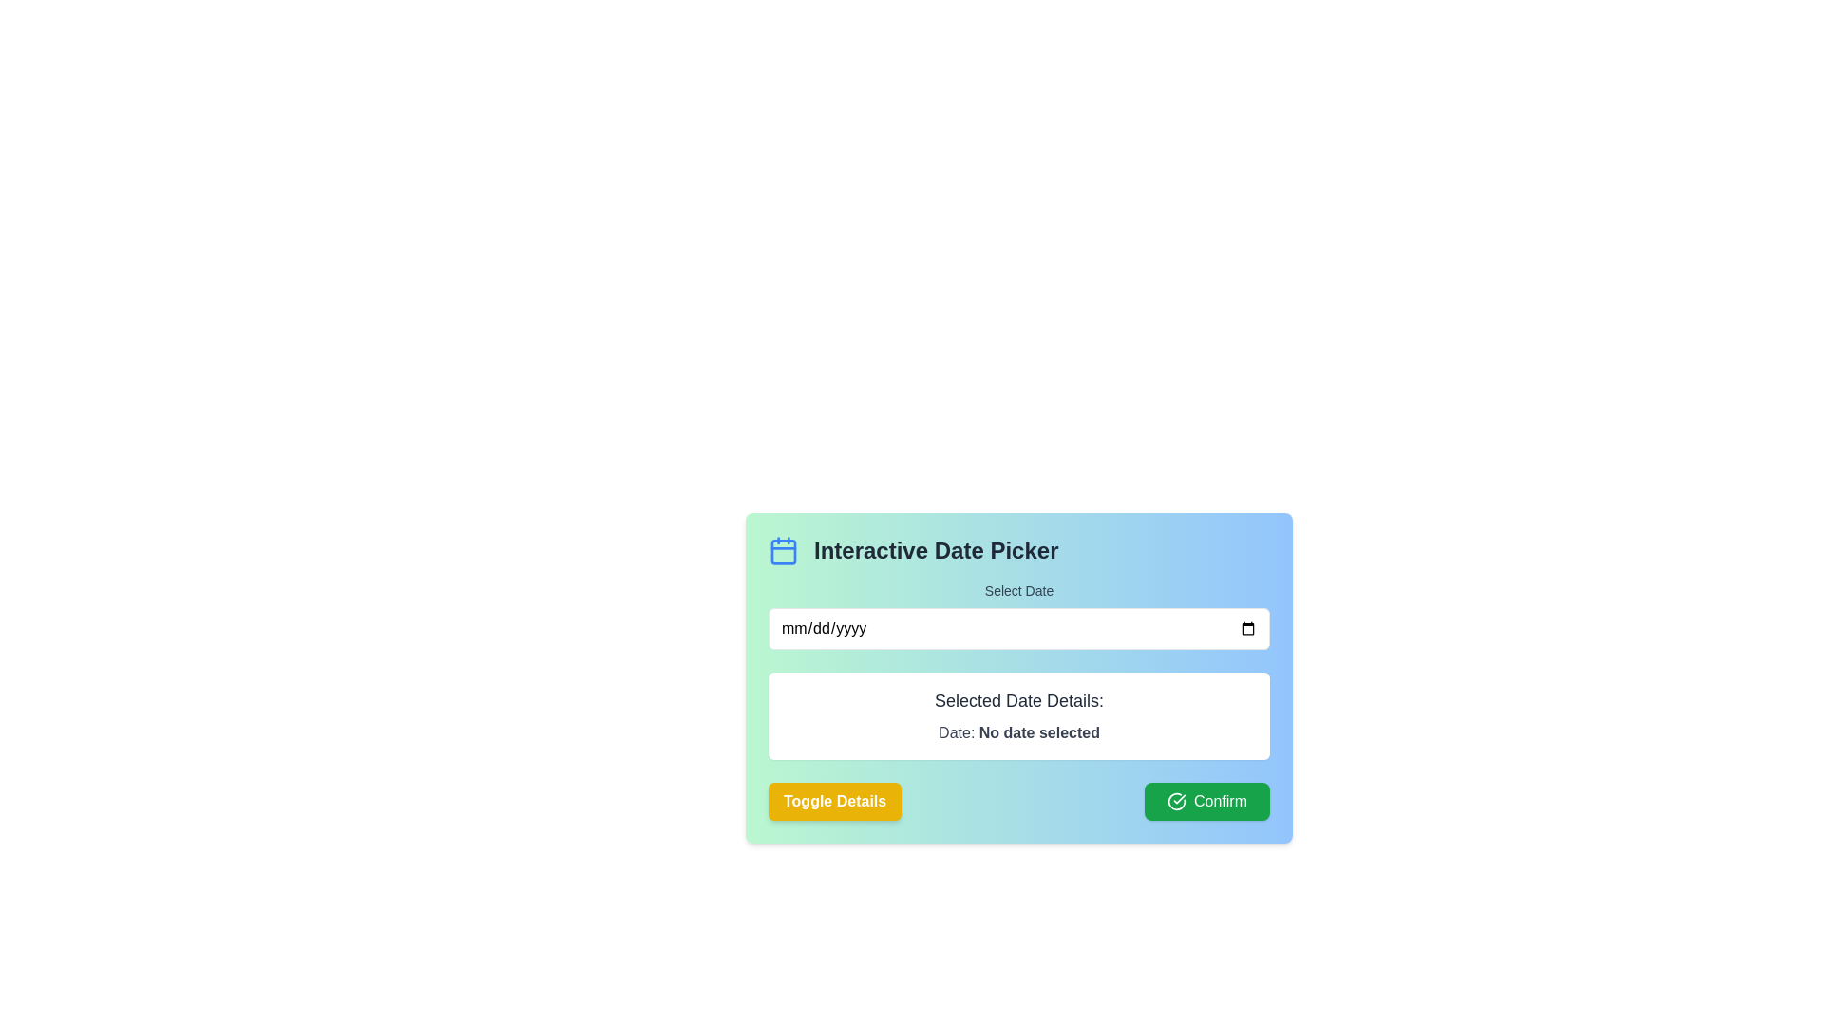 The width and height of the screenshot is (1824, 1026). I want to click on the graphical rectangle representing the date area within the calendar icon, so click(784, 552).